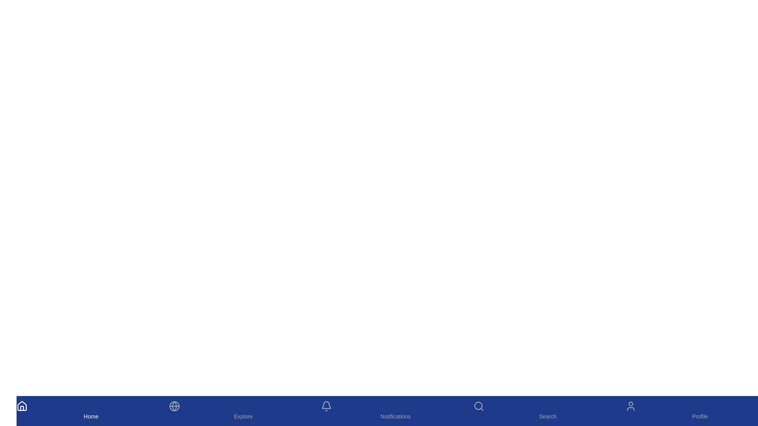 The image size is (758, 426). Describe the element at coordinates (396, 410) in the screenshot. I see `the Notifications tab by clicking on its icon` at that location.